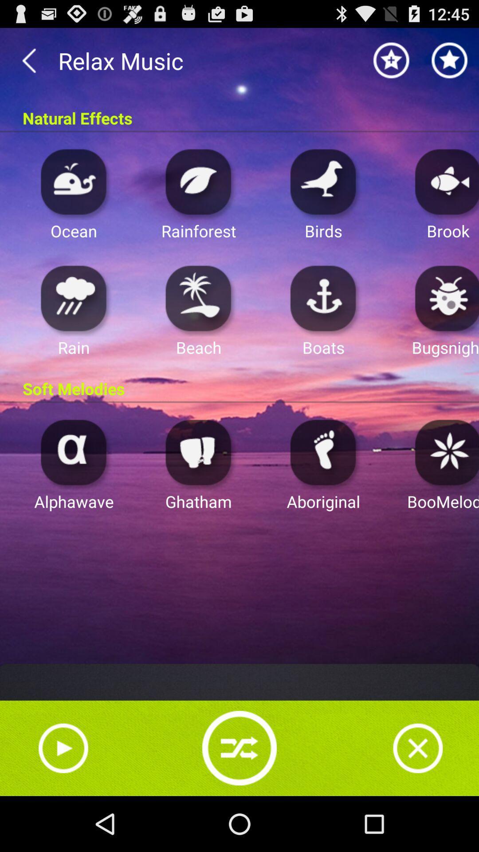 The height and width of the screenshot is (852, 479). Describe the element at coordinates (198, 298) in the screenshot. I see `beach` at that location.